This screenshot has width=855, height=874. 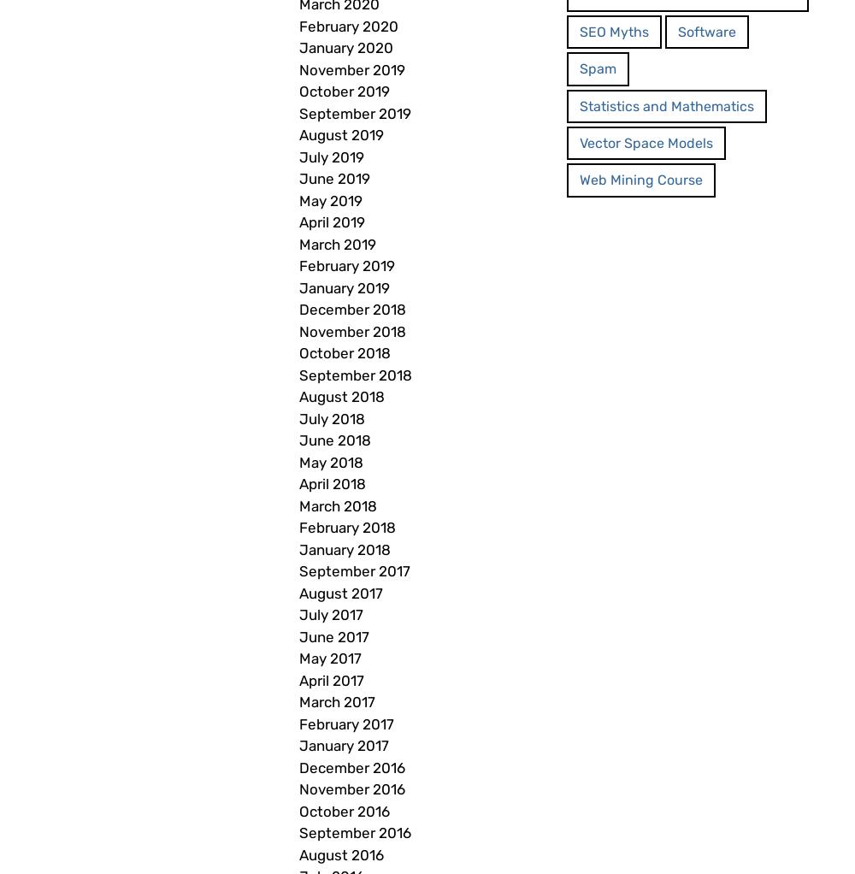 What do you see at coordinates (298, 418) in the screenshot?
I see `'July 2018'` at bounding box center [298, 418].